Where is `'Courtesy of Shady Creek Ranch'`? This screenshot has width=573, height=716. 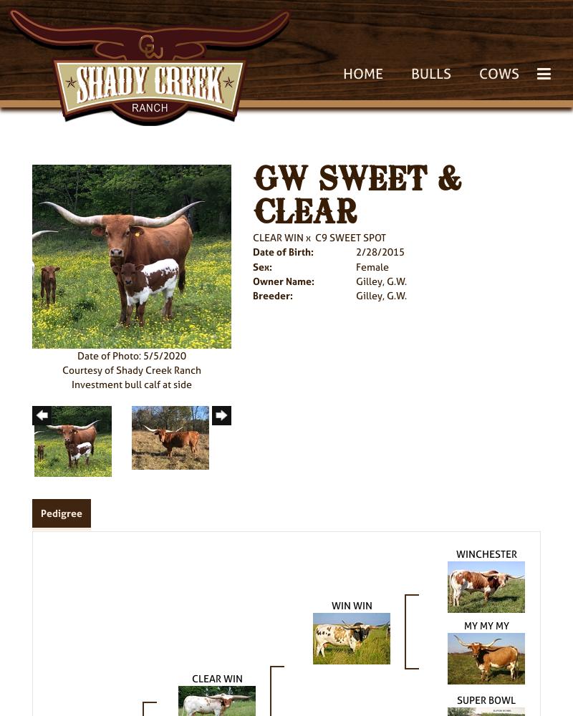 'Courtesy of Shady Creek Ranch' is located at coordinates (62, 369).